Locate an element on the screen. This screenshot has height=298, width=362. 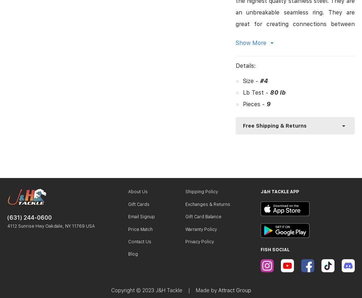
'Models: 5195-406-#4,' is located at coordinates (266, 150).